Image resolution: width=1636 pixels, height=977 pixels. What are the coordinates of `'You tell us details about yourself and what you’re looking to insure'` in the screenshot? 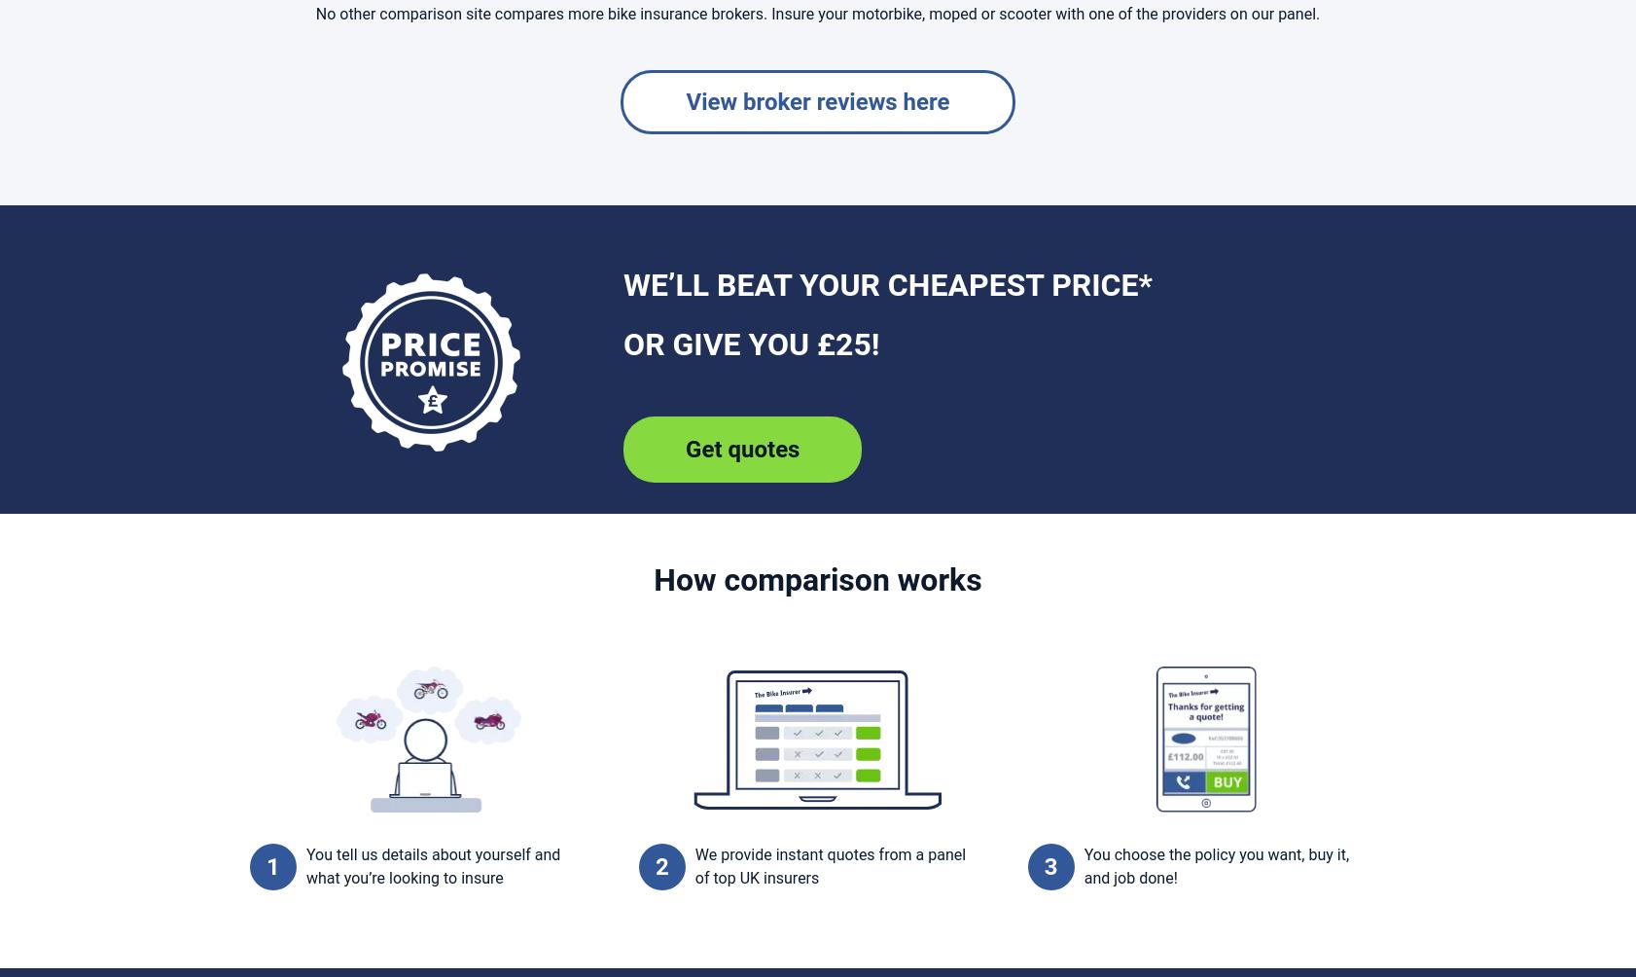 It's located at (433, 865).